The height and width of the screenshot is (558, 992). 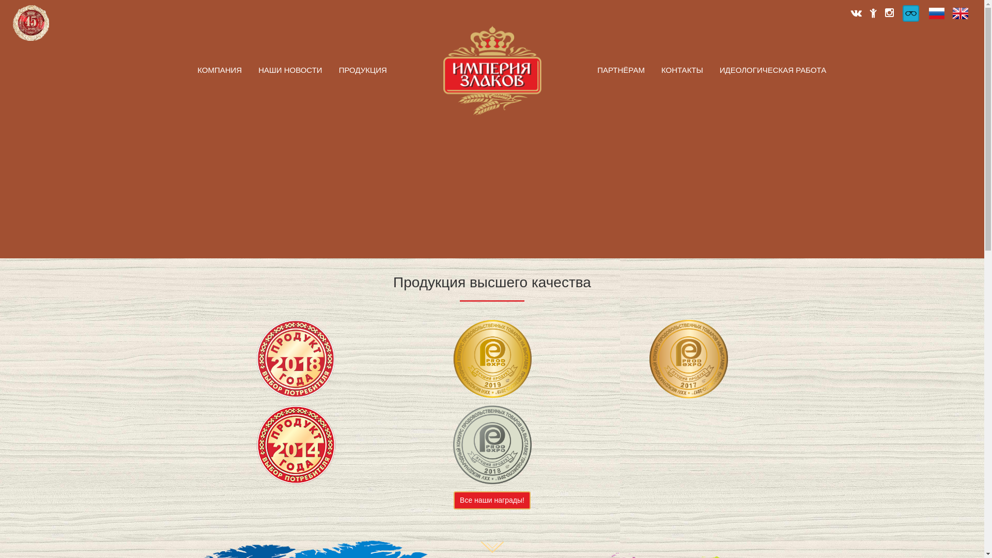 I want to click on 'English (United Kingdom)', so click(x=959, y=13).